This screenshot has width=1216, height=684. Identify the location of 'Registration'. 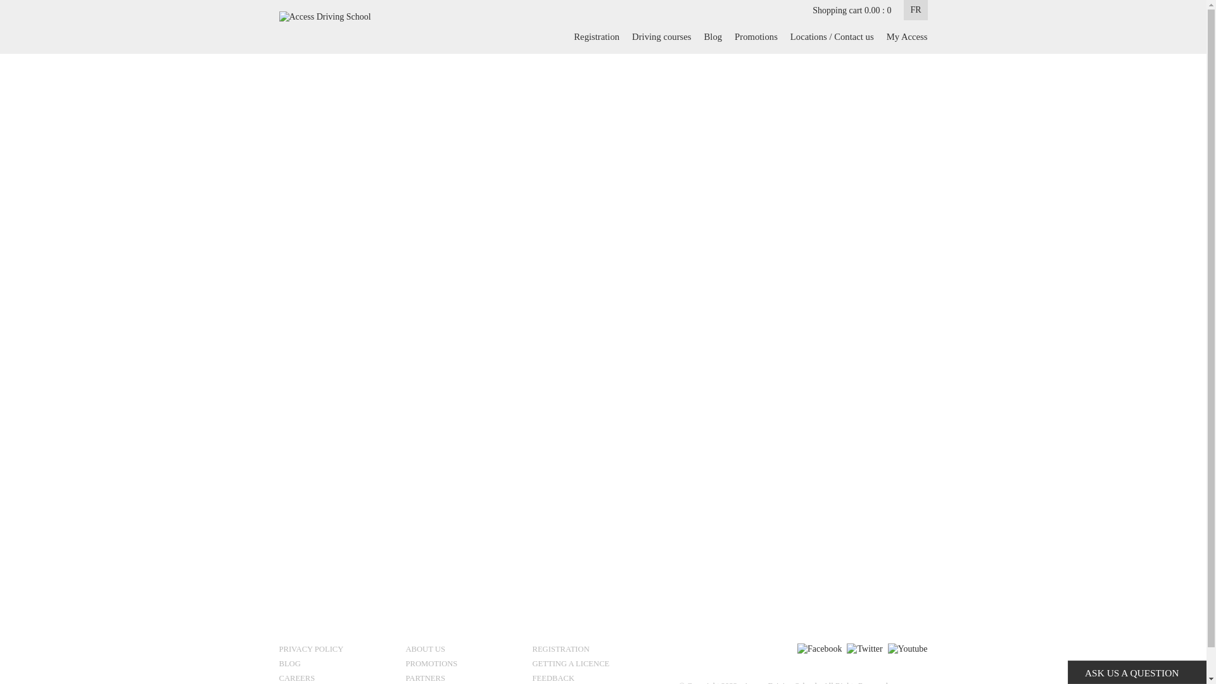
(595, 35).